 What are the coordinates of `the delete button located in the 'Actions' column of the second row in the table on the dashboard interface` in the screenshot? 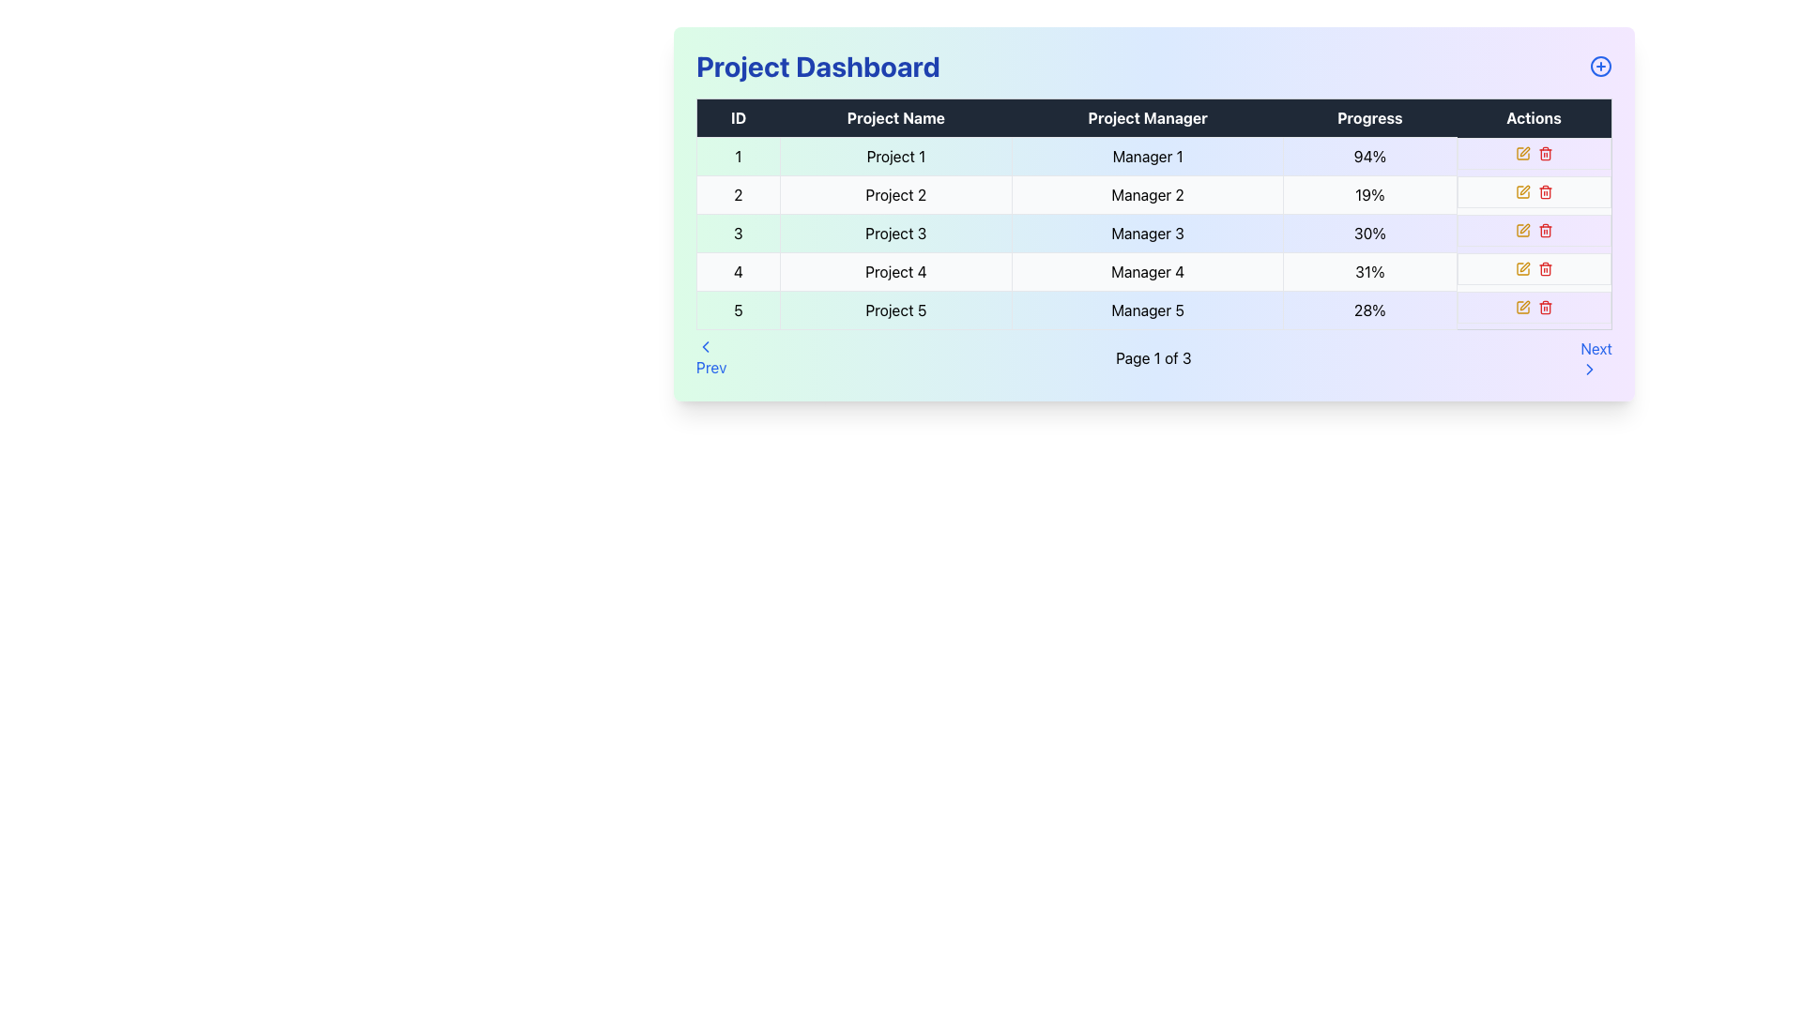 It's located at (1545, 191).